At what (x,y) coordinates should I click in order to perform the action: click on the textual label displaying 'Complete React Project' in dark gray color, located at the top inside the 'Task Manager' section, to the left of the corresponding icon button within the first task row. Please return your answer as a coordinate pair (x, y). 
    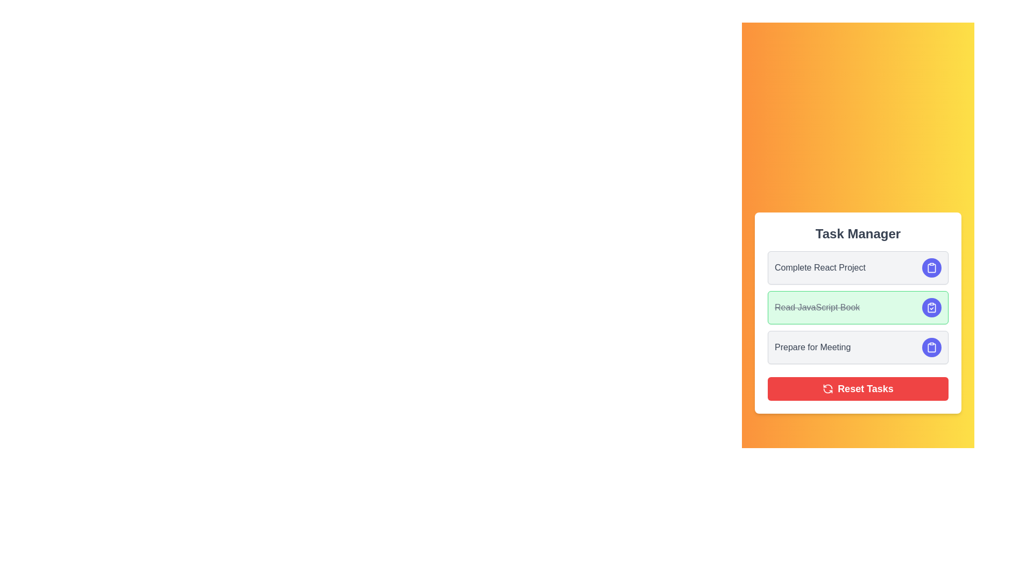
    Looking at the image, I should click on (819, 267).